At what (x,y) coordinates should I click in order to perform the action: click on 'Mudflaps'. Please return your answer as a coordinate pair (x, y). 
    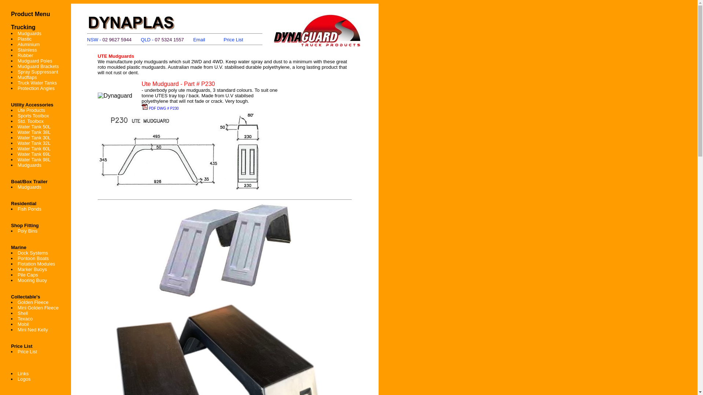
    Looking at the image, I should click on (18, 77).